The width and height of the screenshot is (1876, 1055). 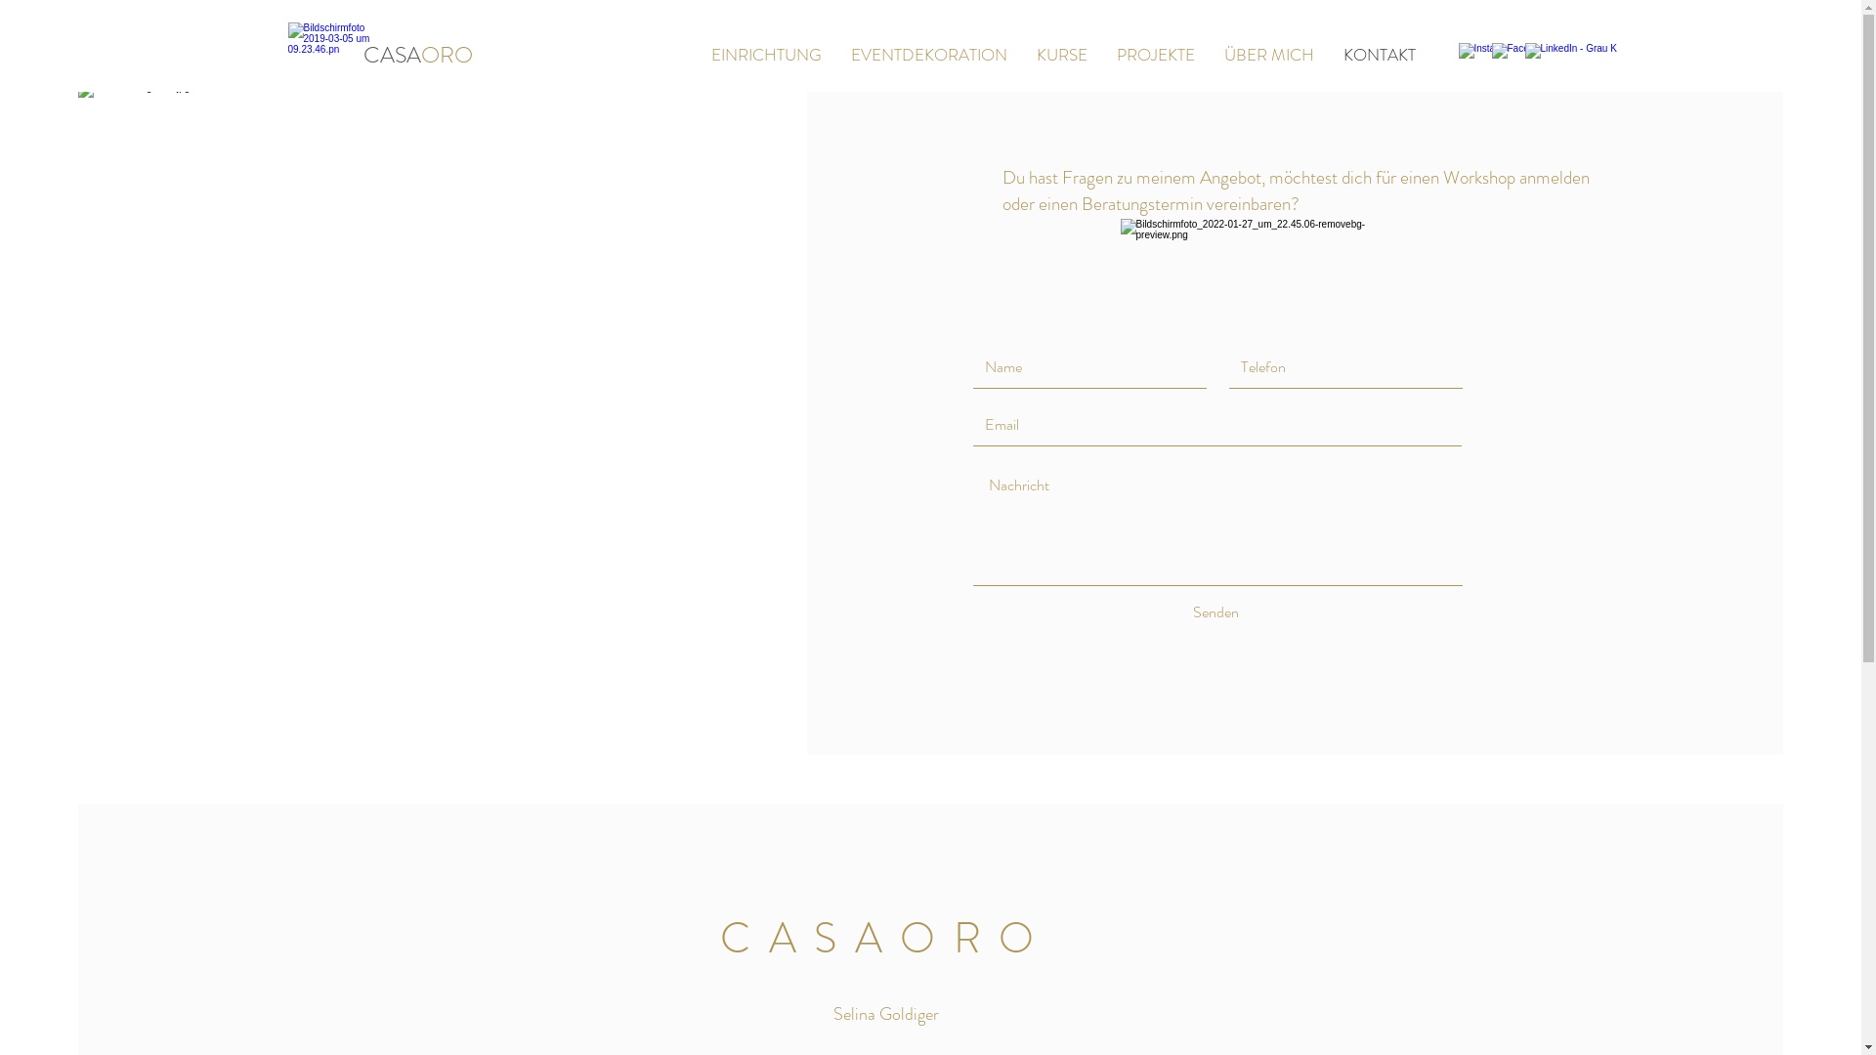 I want to click on 'PROJEKTE', so click(x=1155, y=54).